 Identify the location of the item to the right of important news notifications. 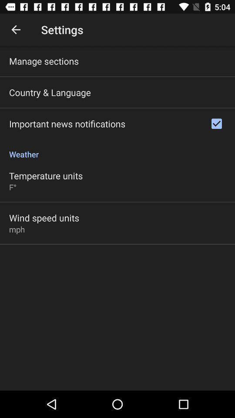
(216, 123).